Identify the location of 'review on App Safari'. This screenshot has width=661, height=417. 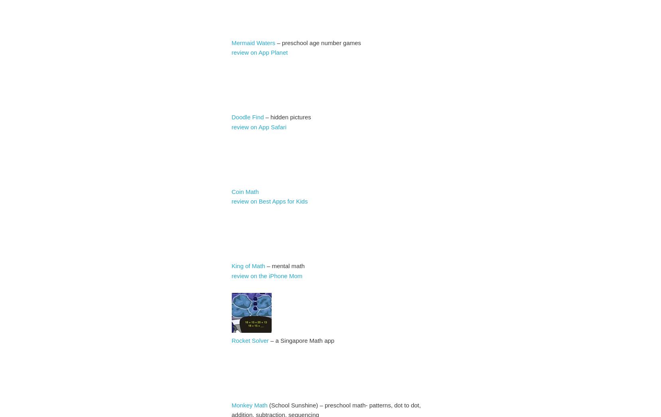
(260, 126).